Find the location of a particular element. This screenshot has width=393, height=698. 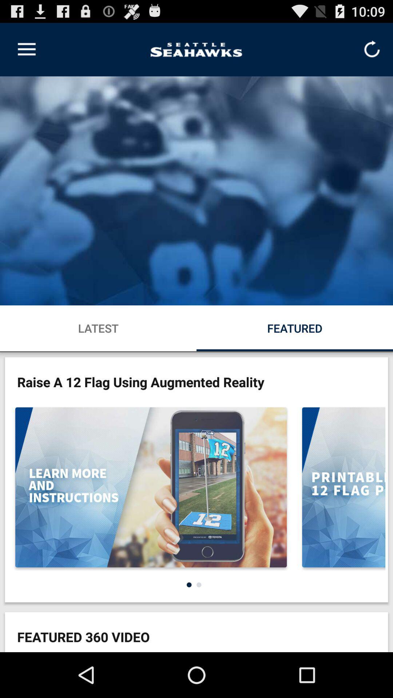

the icon at the top left corner is located at coordinates (26, 49).